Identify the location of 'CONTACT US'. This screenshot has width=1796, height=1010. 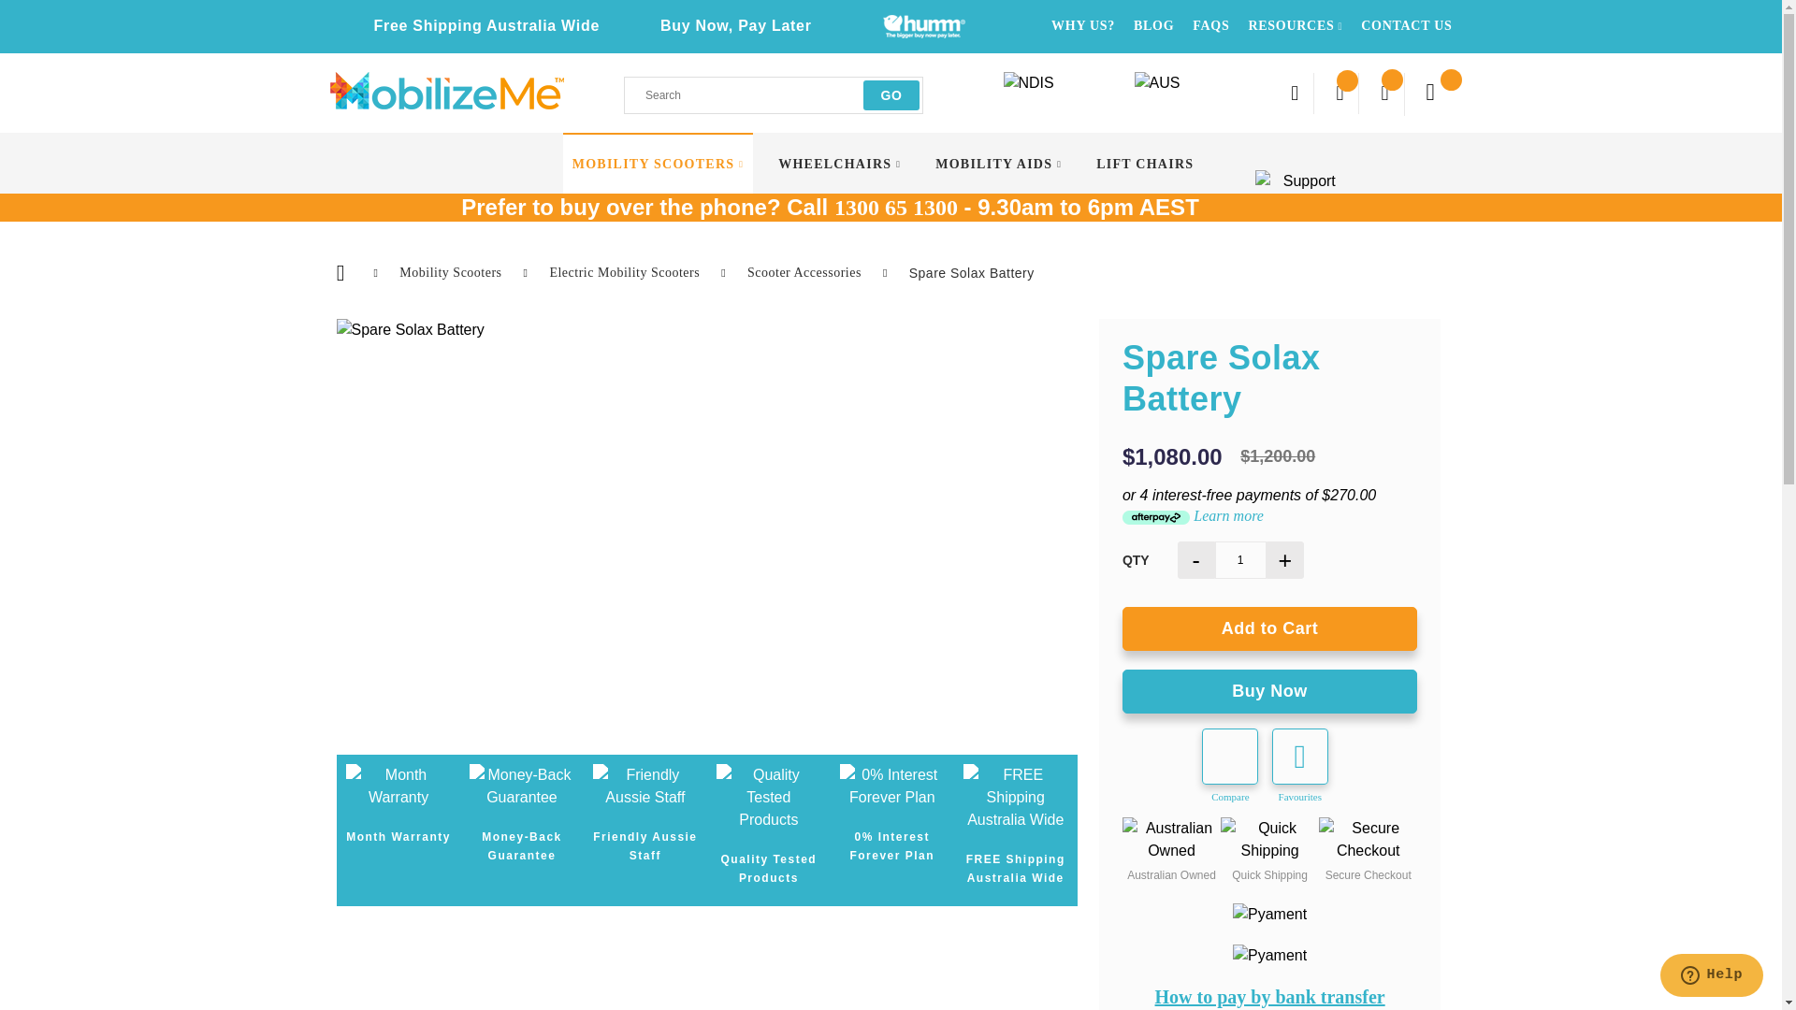
(1360, 25).